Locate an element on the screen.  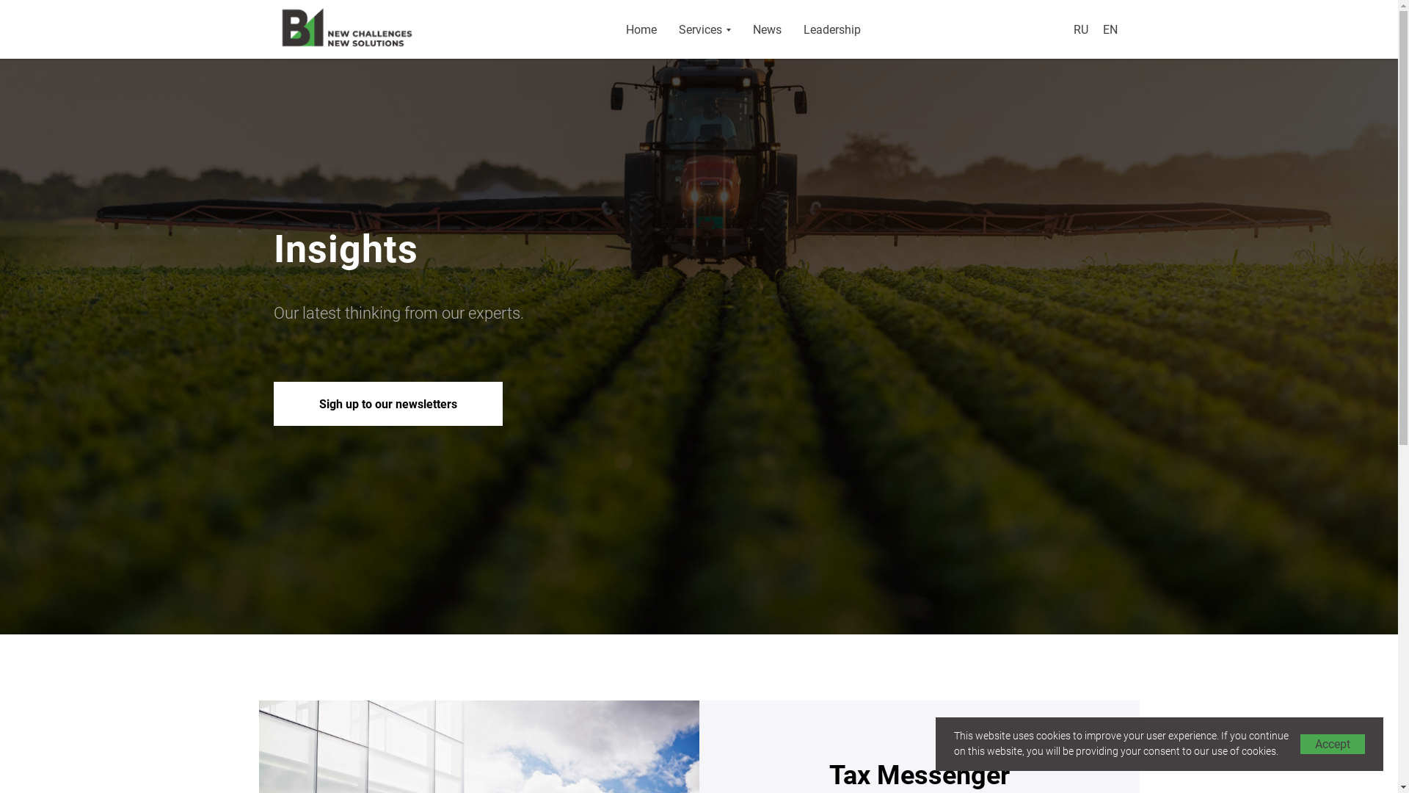
'Home' is located at coordinates (641, 29).